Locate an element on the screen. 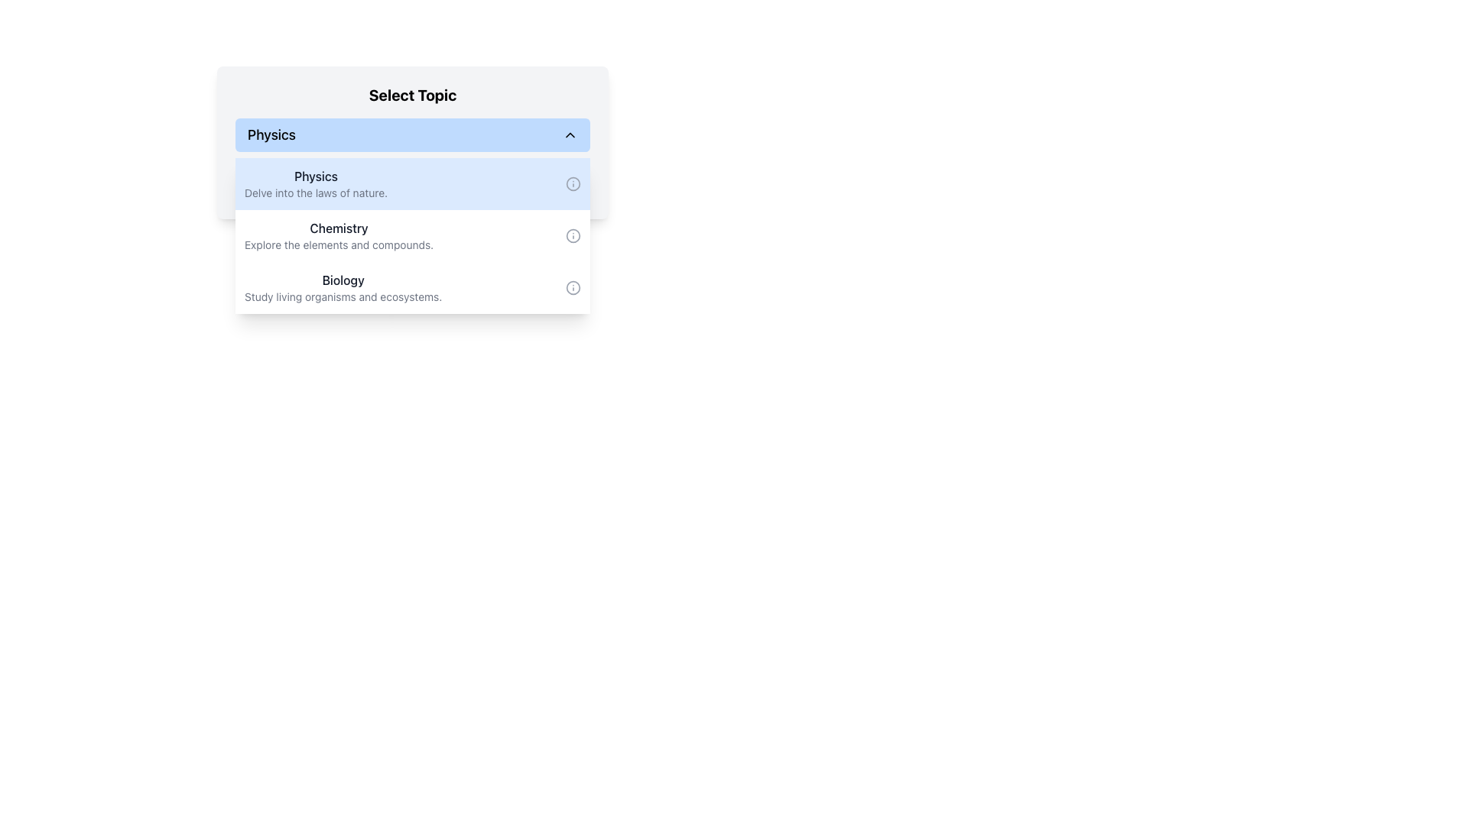  the first item in the dropdown menu labeled 'Physics' is located at coordinates (412, 142).